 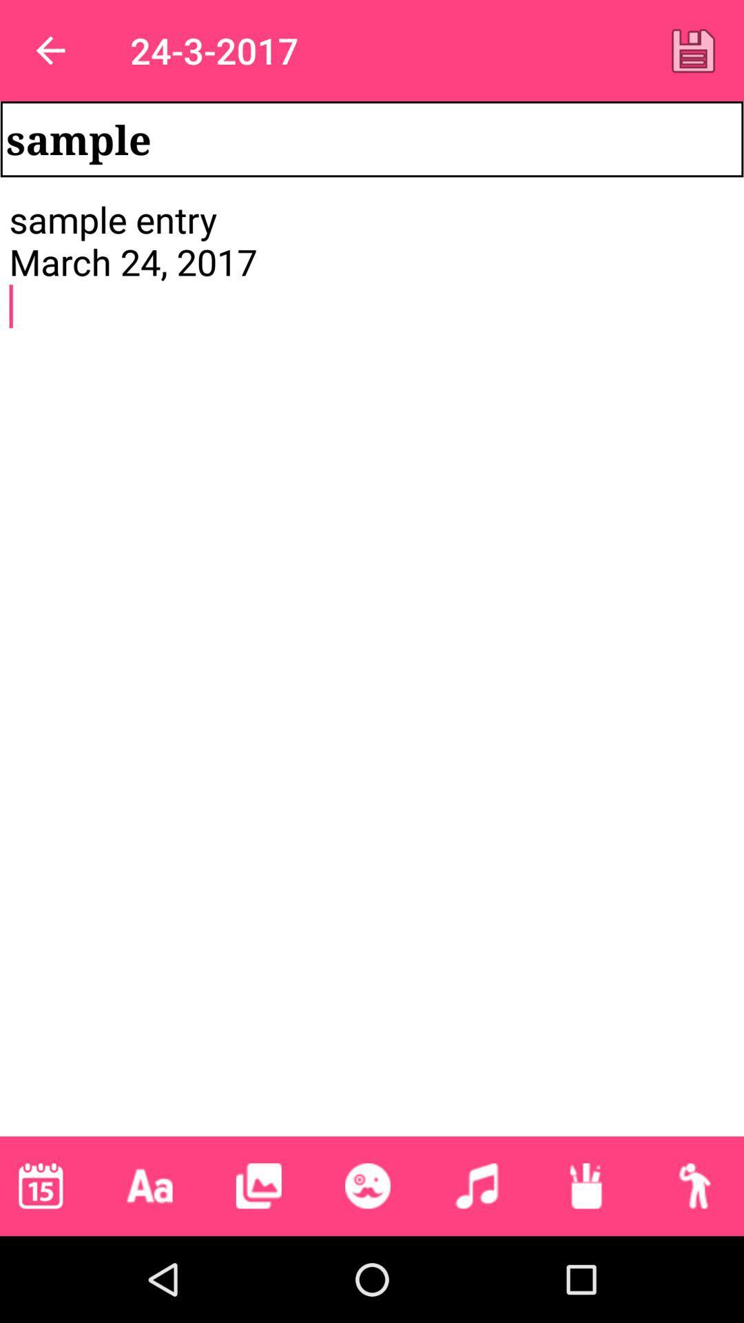 I want to click on insert an audio file, so click(x=476, y=1185).